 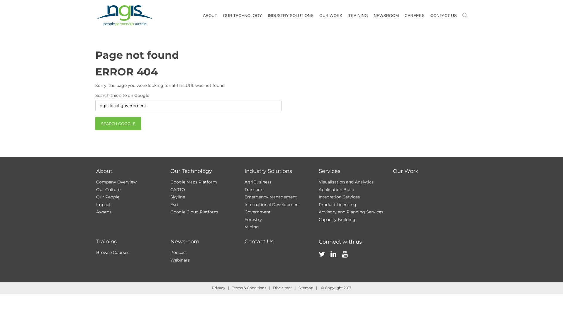 I want to click on 'Transport', so click(x=245, y=189).